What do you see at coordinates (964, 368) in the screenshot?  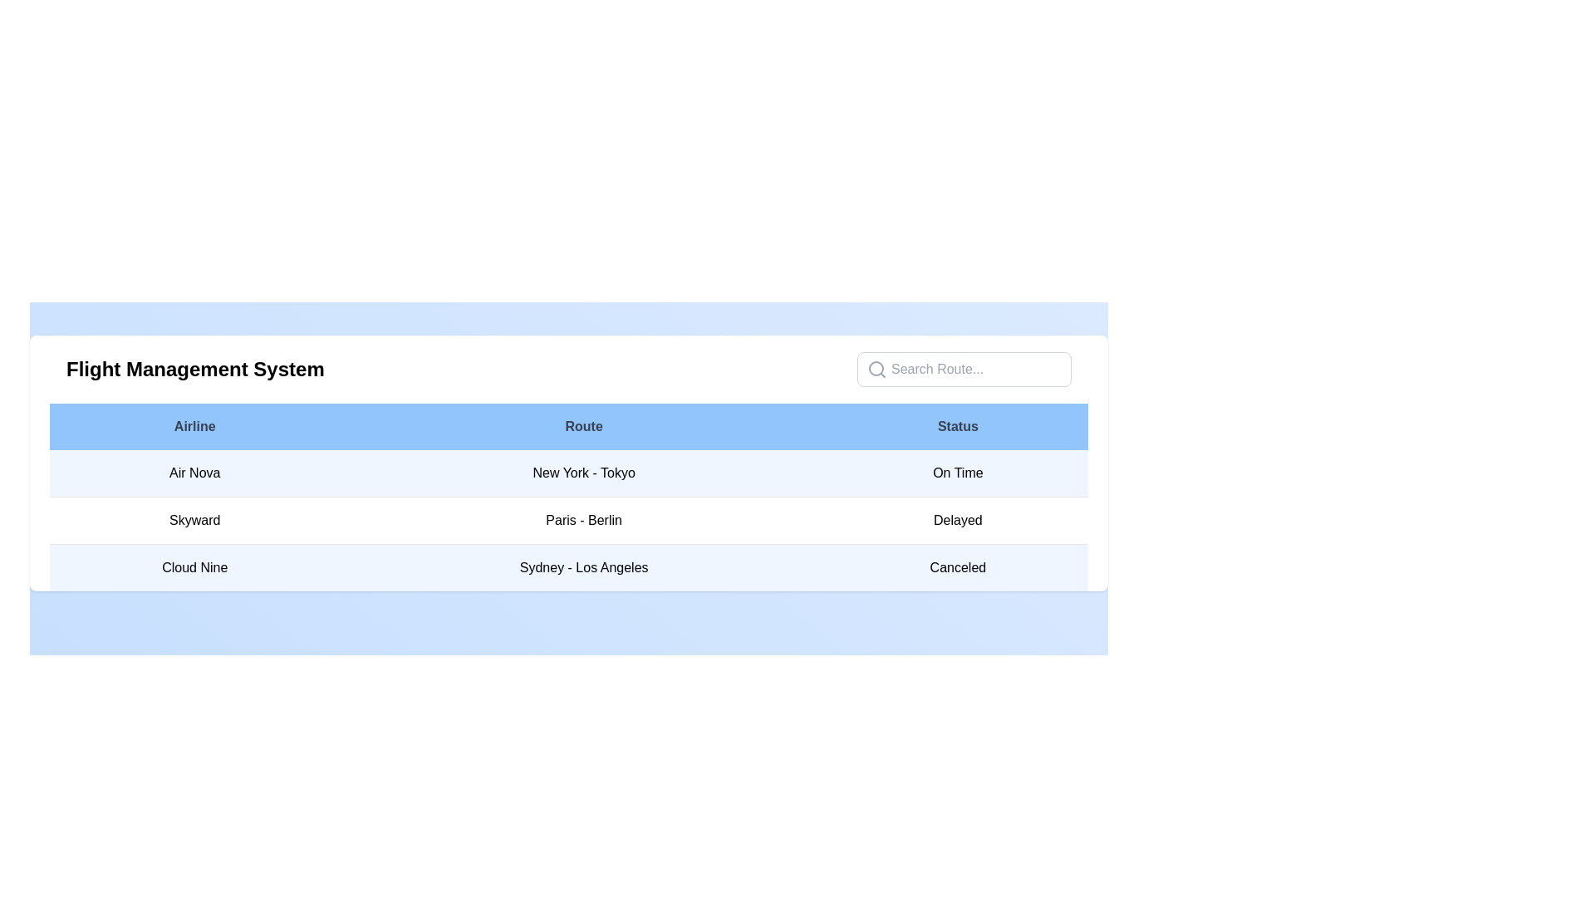 I see `inside the text input field for search functionality in the Flight Management System header to place the cursor` at bounding box center [964, 368].